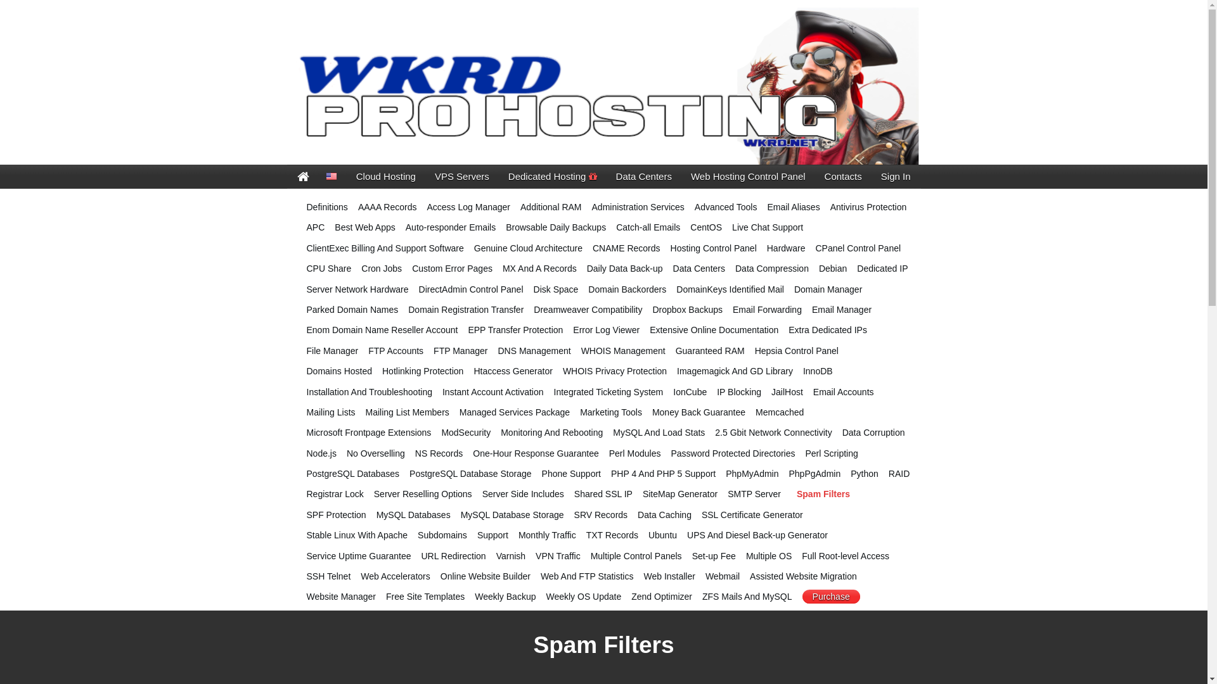  I want to click on 'Web Hosting Control Panel', so click(748, 176).